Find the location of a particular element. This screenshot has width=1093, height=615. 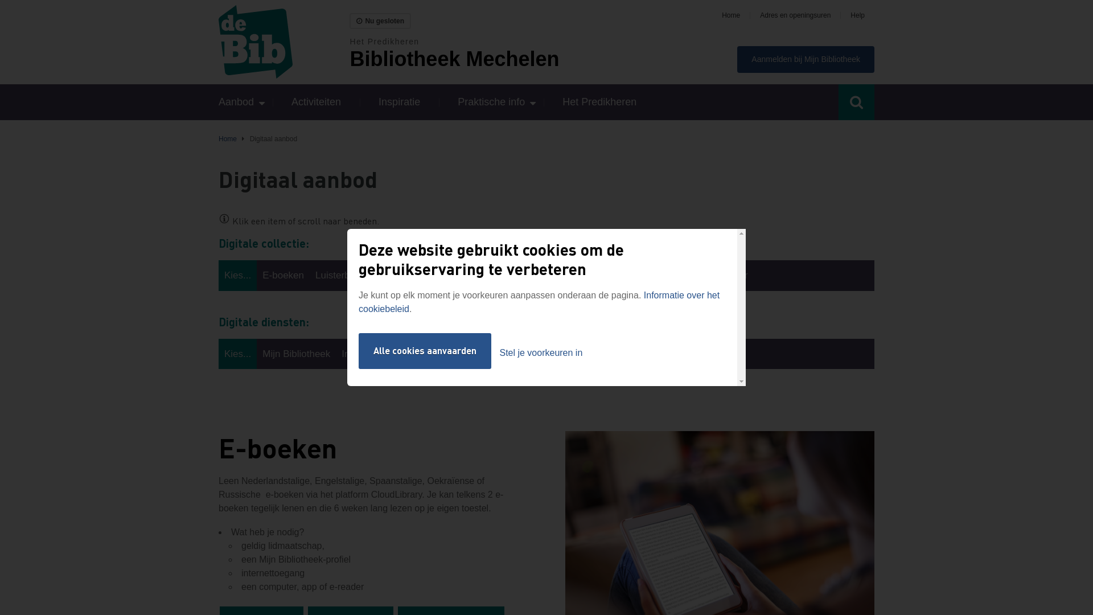

'Kies...' is located at coordinates (237, 275).